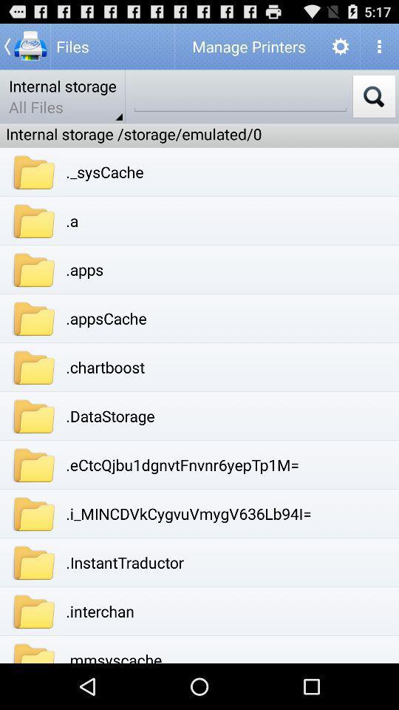  What do you see at coordinates (188, 513) in the screenshot?
I see `app below the .ectcqjbu1dgnvtfnvnr6yeptp1m=` at bounding box center [188, 513].